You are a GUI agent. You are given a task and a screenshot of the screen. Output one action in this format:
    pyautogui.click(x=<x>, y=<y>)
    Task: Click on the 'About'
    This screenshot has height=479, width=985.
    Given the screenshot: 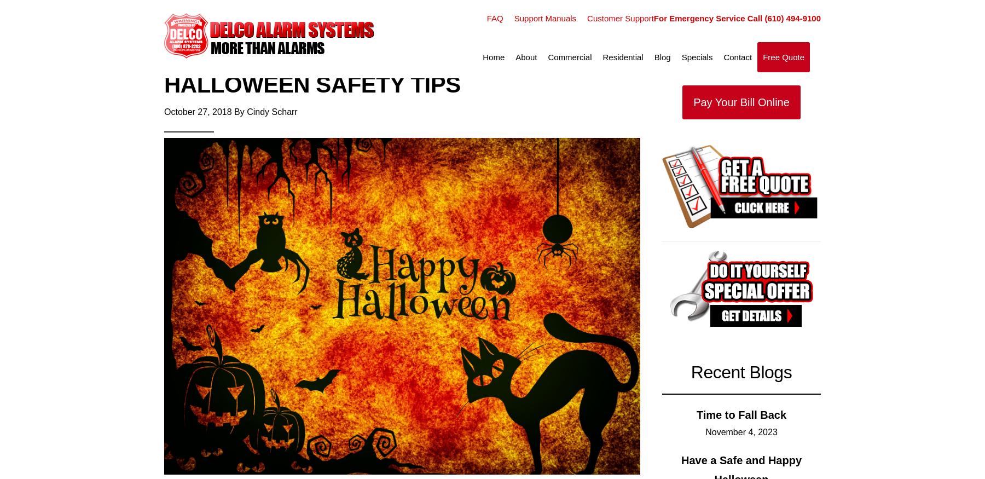 What is the action you would take?
    pyautogui.click(x=525, y=57)
    